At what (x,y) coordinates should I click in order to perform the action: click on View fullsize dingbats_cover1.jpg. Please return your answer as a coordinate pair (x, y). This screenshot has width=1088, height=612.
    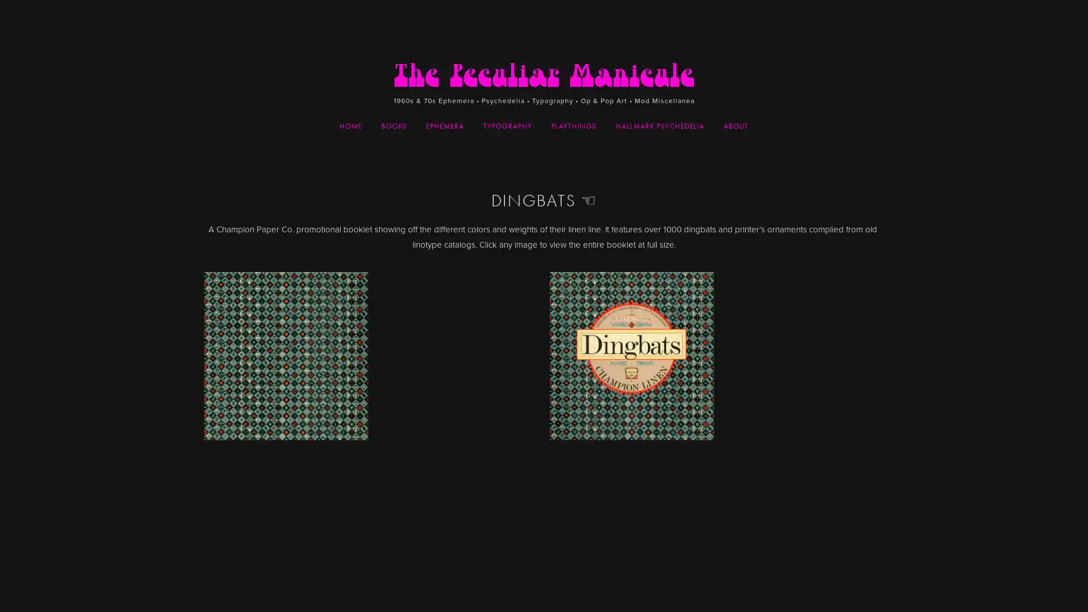
    Looking at the image, I should click on (371, 439).